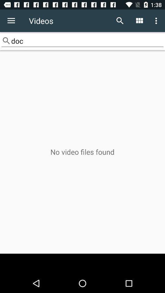 The width and height of the screenshot is (165, 293). I want to click on item above the doc, so click(120, 21).